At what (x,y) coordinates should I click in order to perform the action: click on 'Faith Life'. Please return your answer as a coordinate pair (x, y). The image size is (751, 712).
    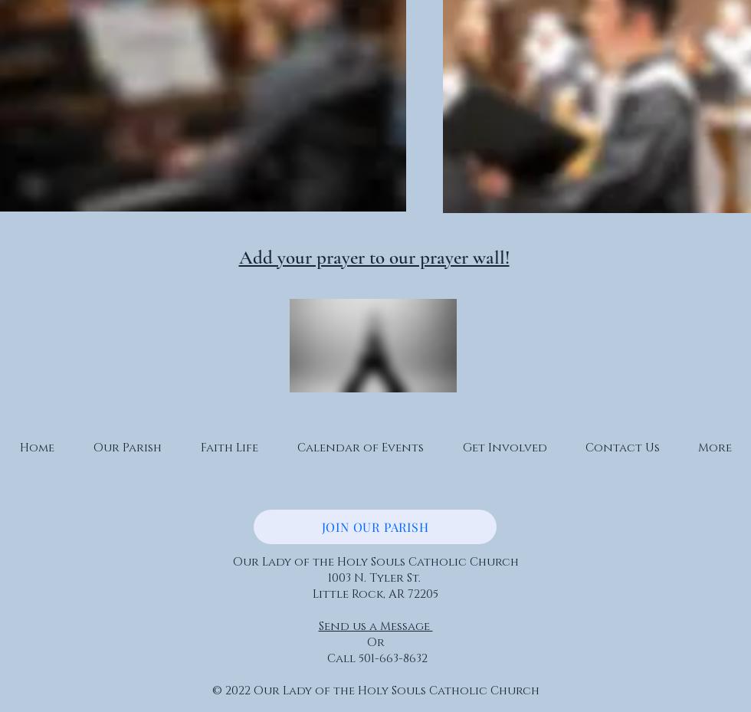
    Looking at the image, I should click on (199, 447).